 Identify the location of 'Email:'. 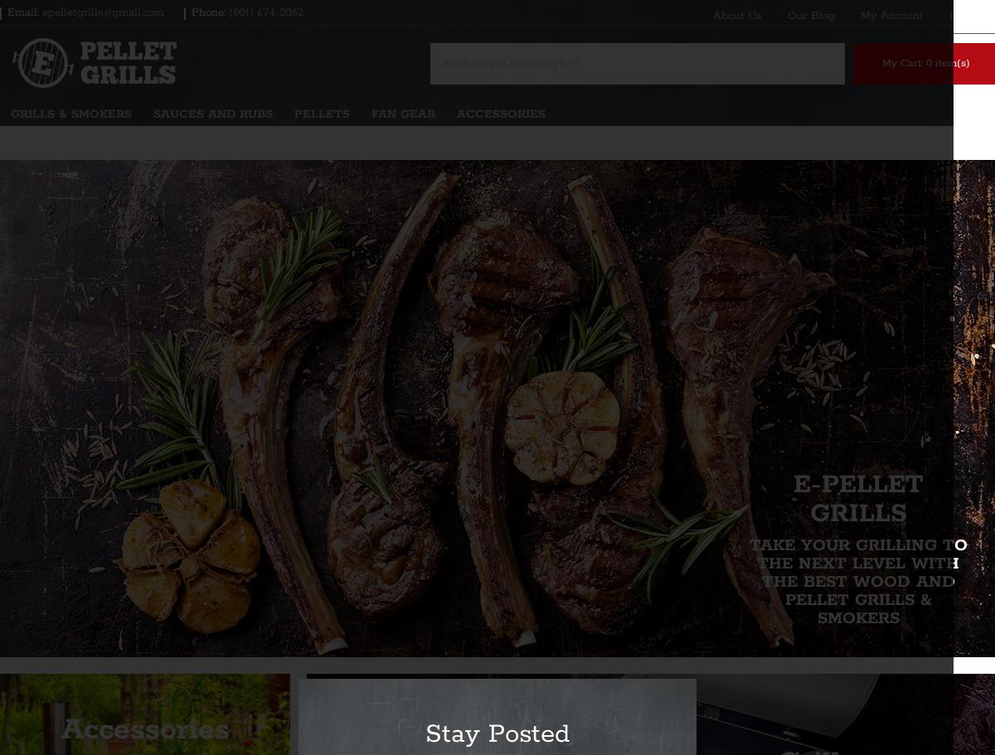
(22, 12).